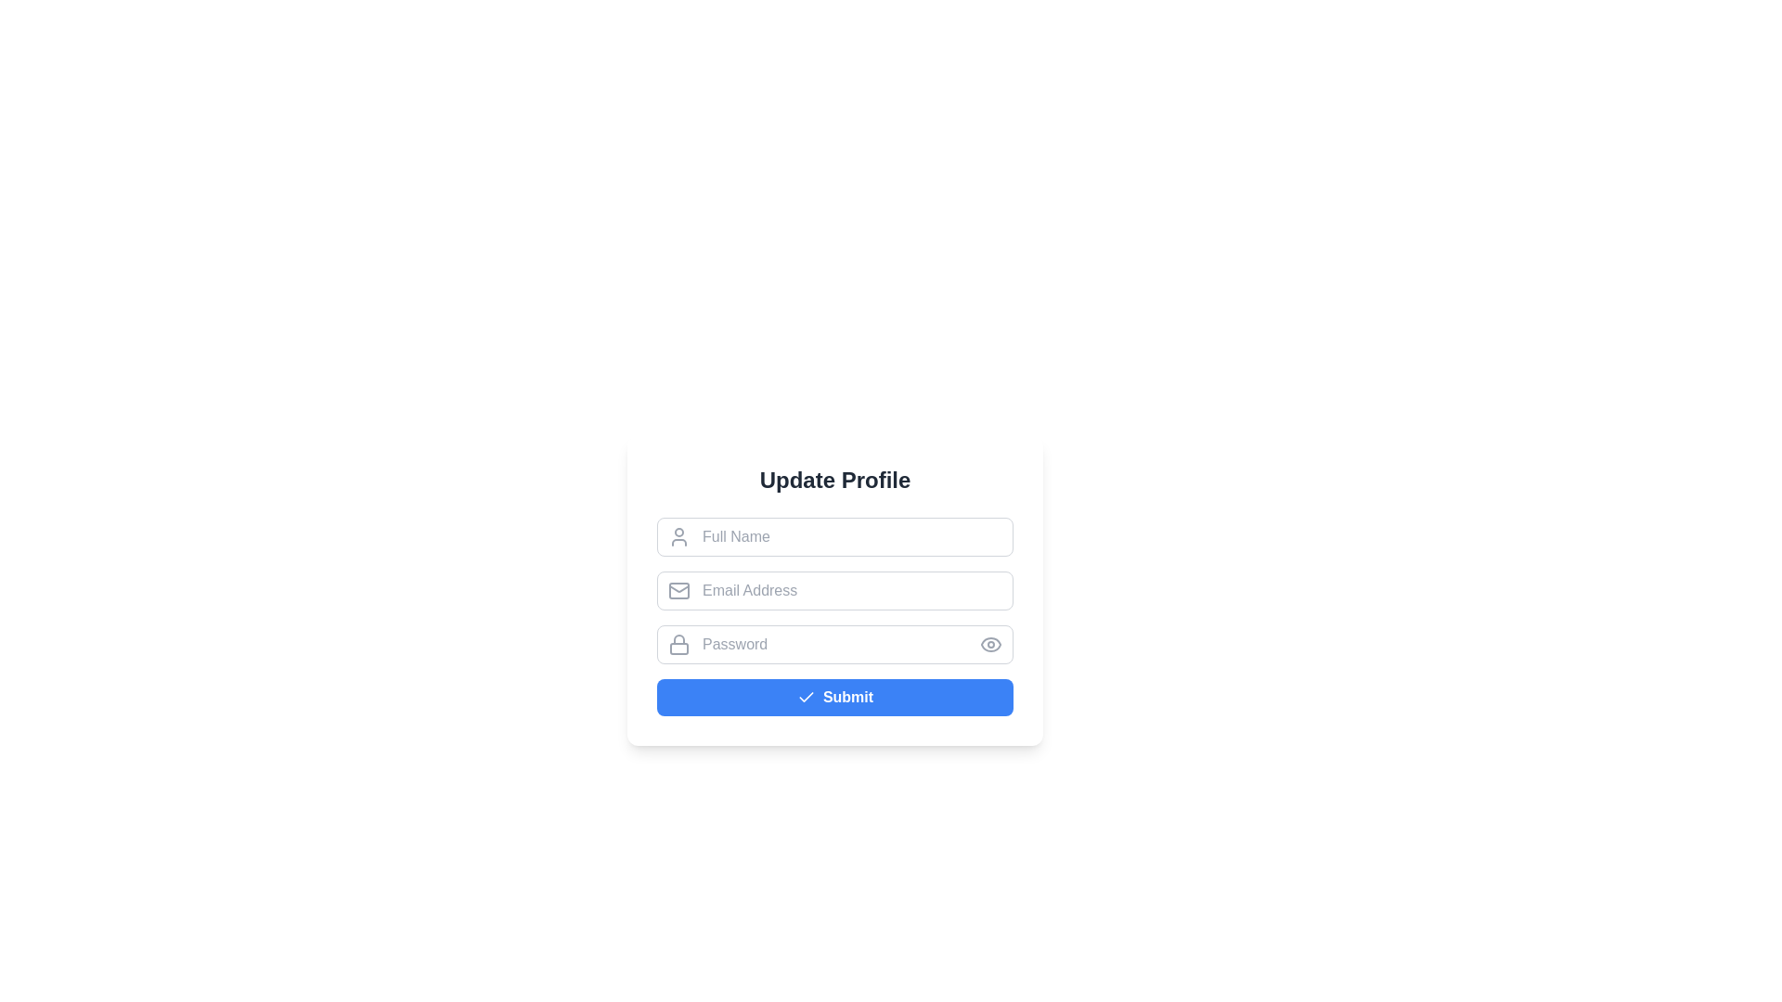  I want to click on the eye icon button located on the far right of the password input field, so click(990, 643).